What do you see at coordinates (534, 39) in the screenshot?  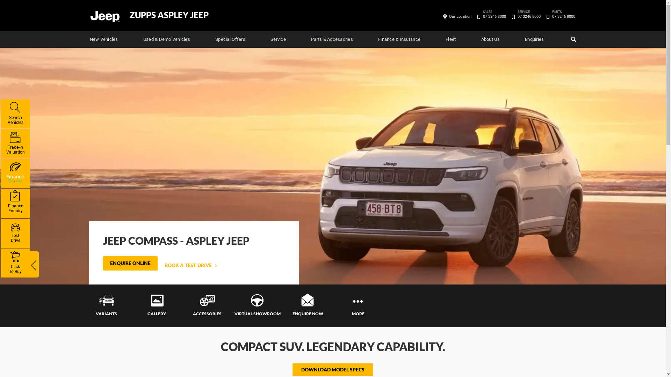 I see `'Enquiries'` at bounding box center [534, 39].